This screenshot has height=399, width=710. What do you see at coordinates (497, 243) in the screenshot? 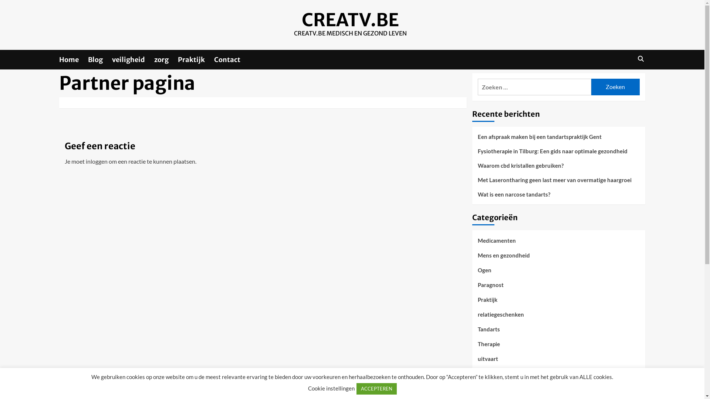
I see `'Medicamenten'` at bounding box center [497, 243].